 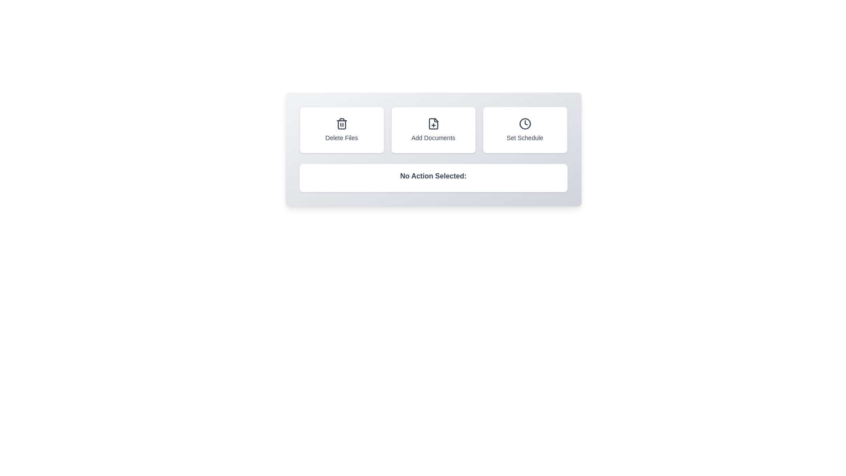 What do you see at coordinates (433, 124) in the screenshot?
I see `the 'Add Documents' button icon, which is a file document with a plus mark, located between the 'Delete Files' and 'Set Schedule' buttons` at bounding box center [433, 124].